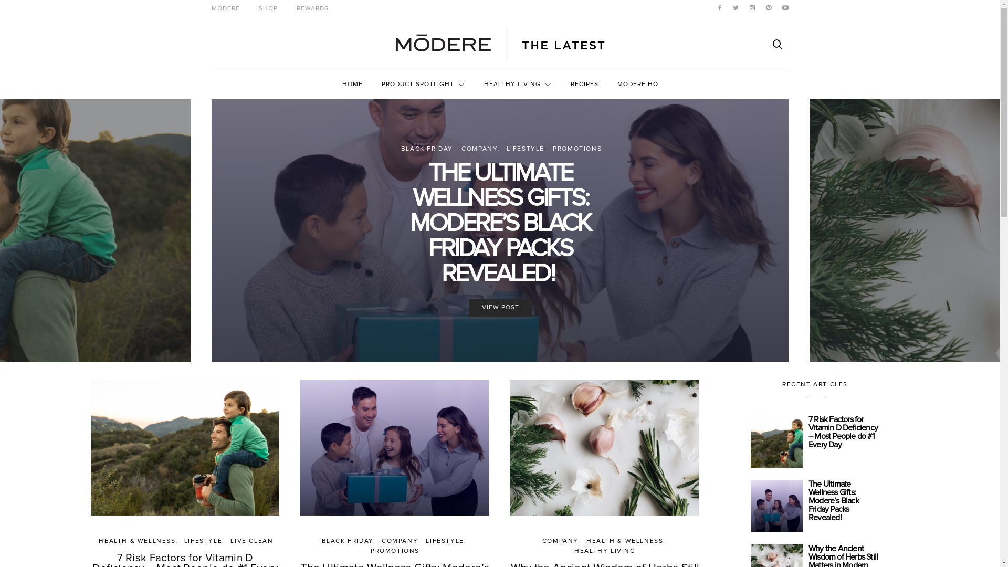 The width and height of the screenshot is (1008, 567). Describe the element at coordinates (427, 149) in the screenshot. I see `'BLACK FRIDAY'` at that location.